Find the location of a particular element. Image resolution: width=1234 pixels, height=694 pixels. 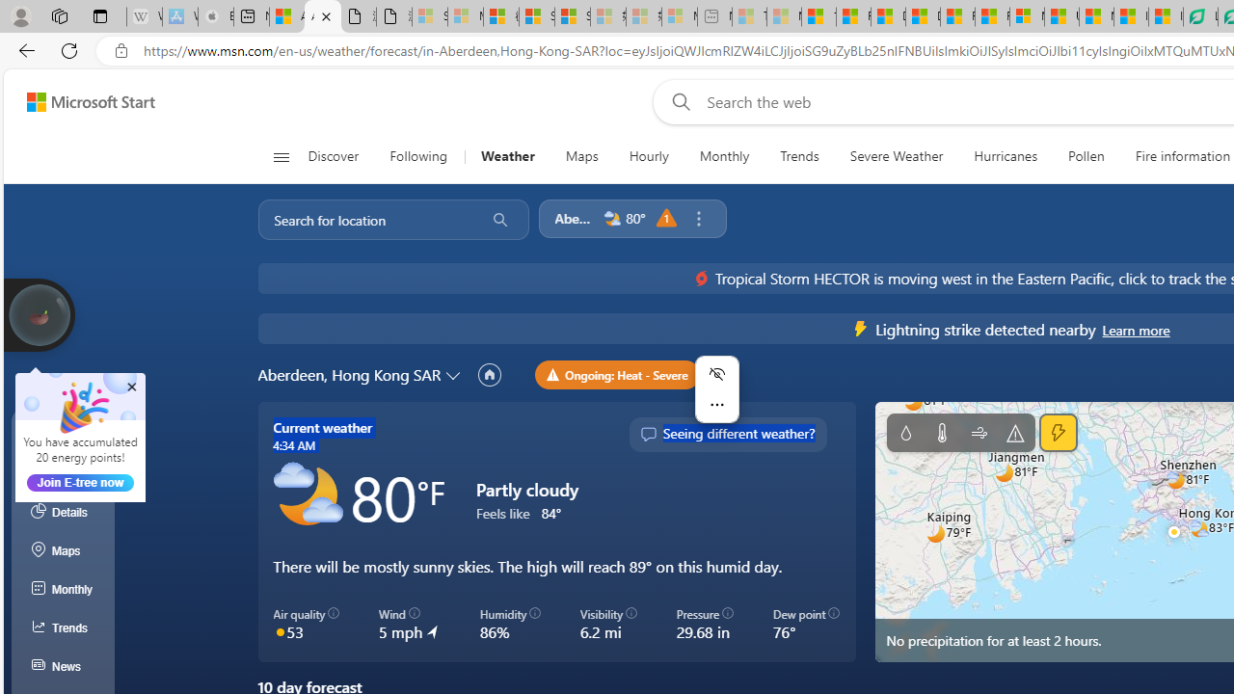

'Severe Weather' is located at coordinates (895, 156).